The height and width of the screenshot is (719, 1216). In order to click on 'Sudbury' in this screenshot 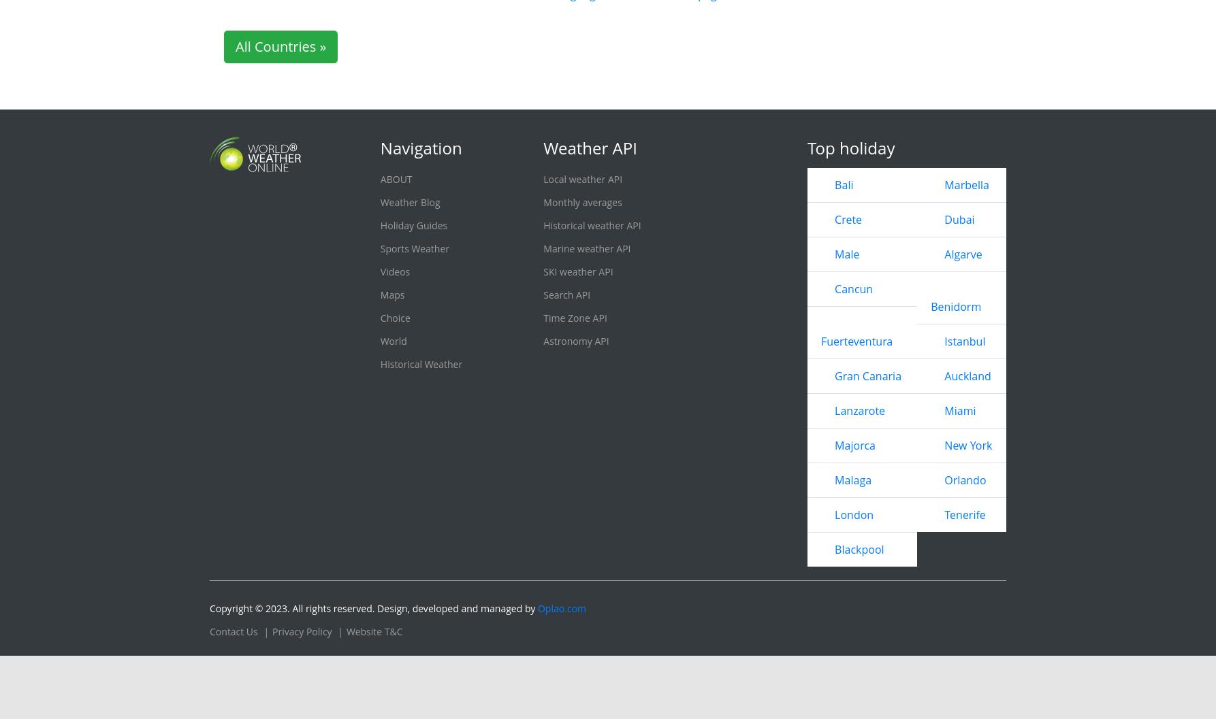, I will do `click(690, 90)`.